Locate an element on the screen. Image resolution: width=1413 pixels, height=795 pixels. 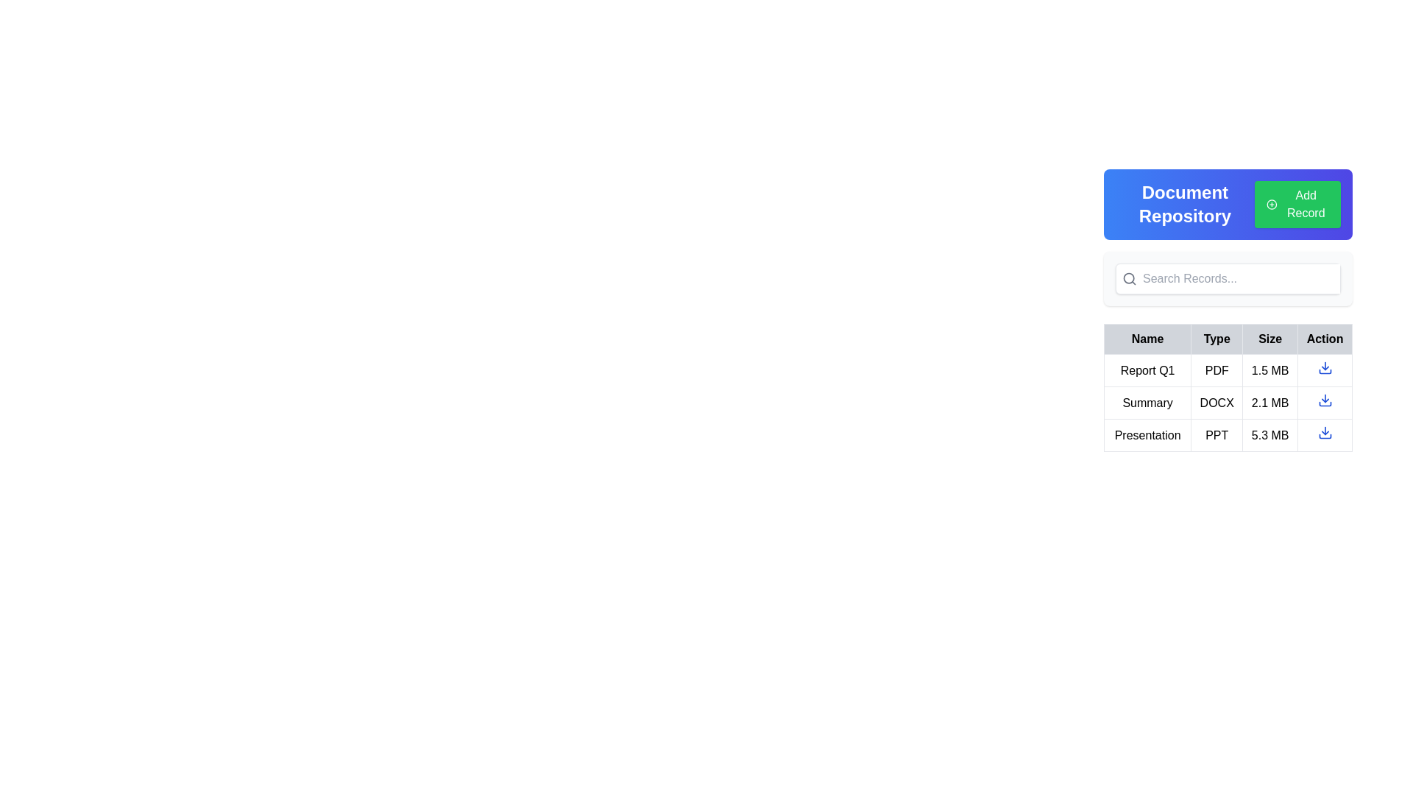
the content of the static text indicating the file type for the 'Summary' file entry in the document repository, located in the 'Type' column of the table is located at coordinates (1217, 403).